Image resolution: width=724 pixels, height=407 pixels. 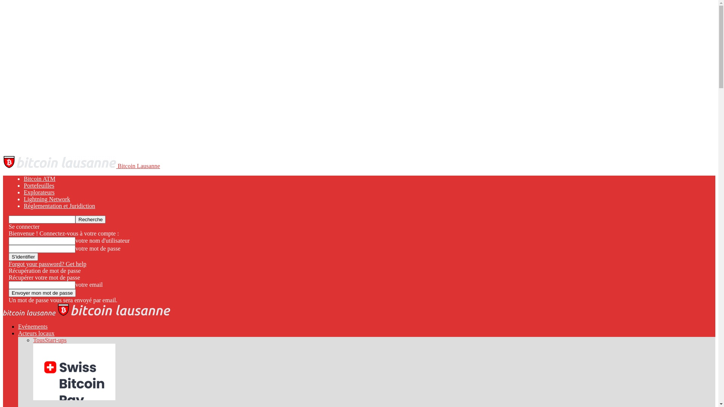 What do you see at coordinates (81, 165) in the screenshot?
I see `'Bitcoin Lausanne'` at bounding box center [81, 165].